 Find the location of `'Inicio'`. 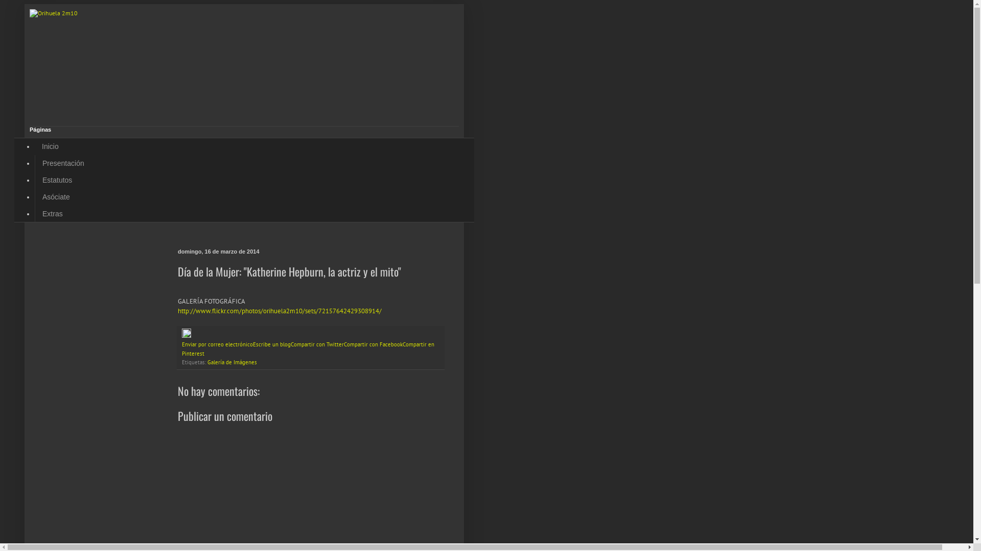

'Inicio' is located at coordinates (50, 146).